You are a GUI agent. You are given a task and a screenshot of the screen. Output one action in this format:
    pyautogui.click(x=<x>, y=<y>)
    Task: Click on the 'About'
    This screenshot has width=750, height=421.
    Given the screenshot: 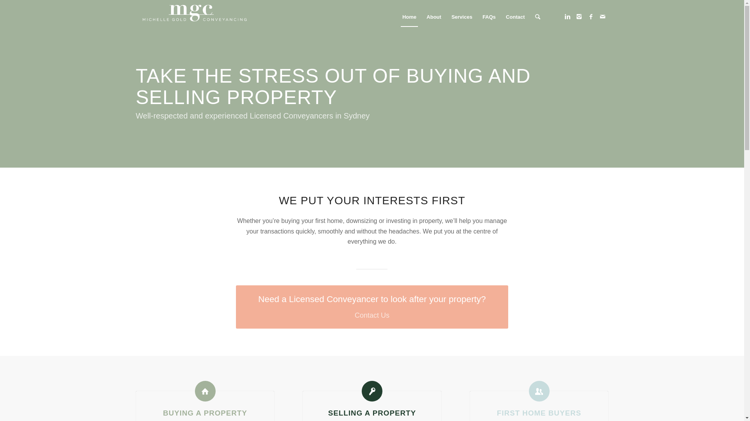 What is the action you would take?
    pyautogui.click(x=433, y=17)
    